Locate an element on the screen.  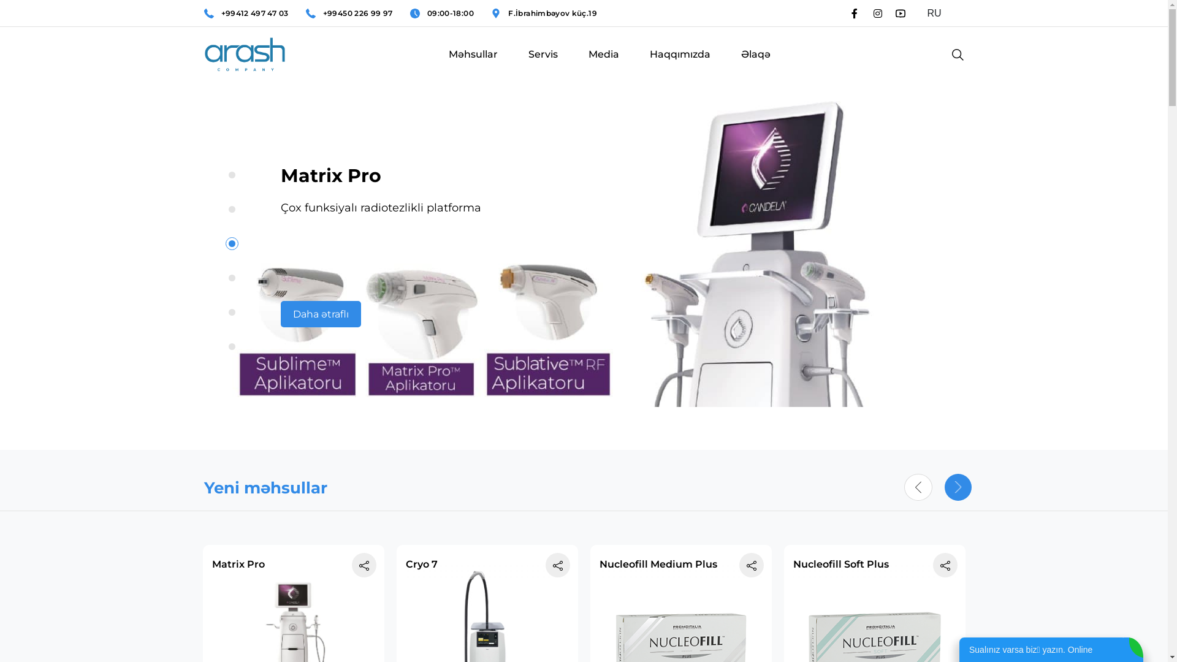
'+99450 226 99 97' is located at coordinates (357, 13).